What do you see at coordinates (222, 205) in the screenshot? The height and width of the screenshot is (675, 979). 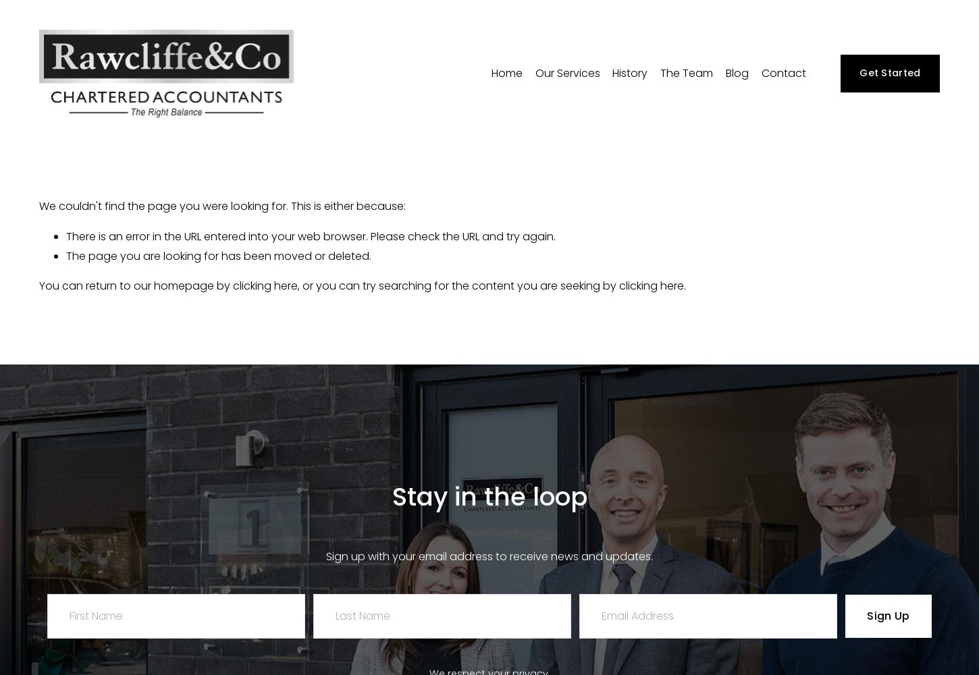 I see `'We couldn't find the page you were looking for. This is either because:'` at bounding box center [222, 205].